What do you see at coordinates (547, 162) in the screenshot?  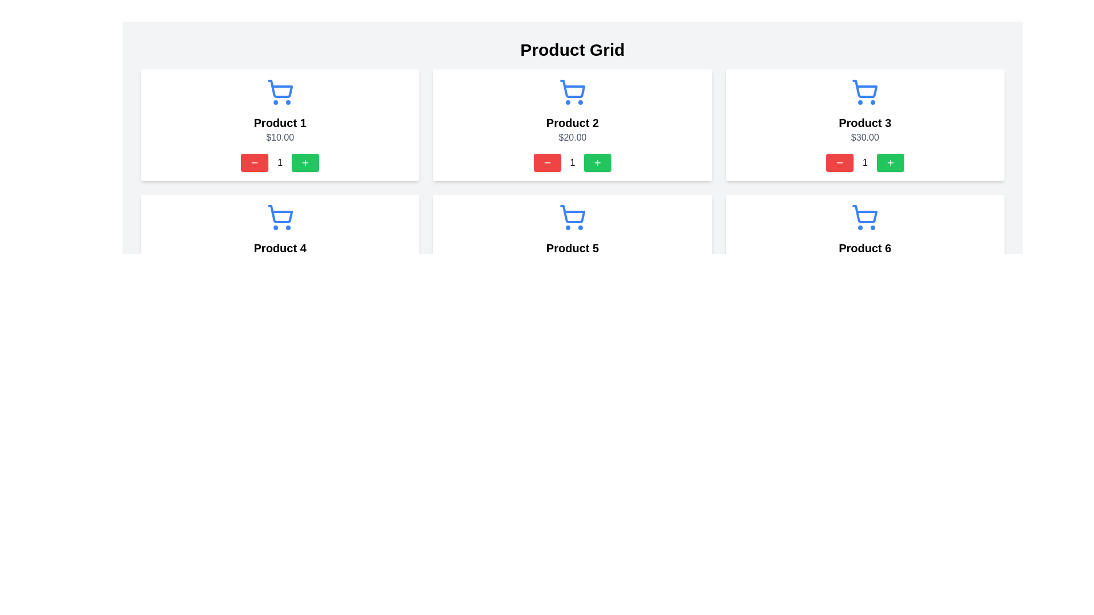 I see `the red button to decrease the quantity of the product in the 'Product 2' card` at bounding box center [547, 162].